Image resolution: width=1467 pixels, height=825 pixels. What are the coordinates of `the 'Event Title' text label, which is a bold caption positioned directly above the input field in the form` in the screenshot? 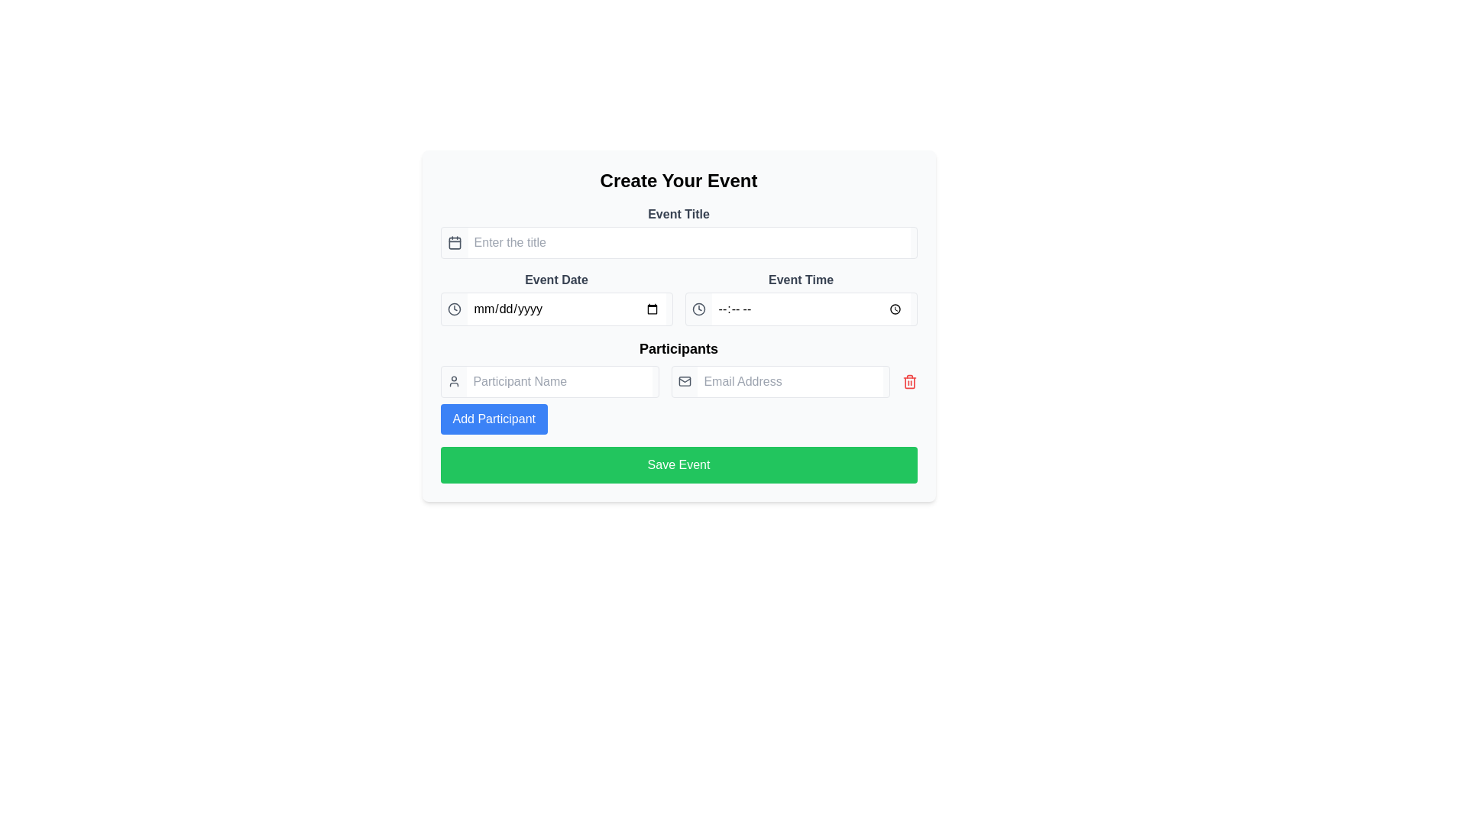 It's located at (678, 215).